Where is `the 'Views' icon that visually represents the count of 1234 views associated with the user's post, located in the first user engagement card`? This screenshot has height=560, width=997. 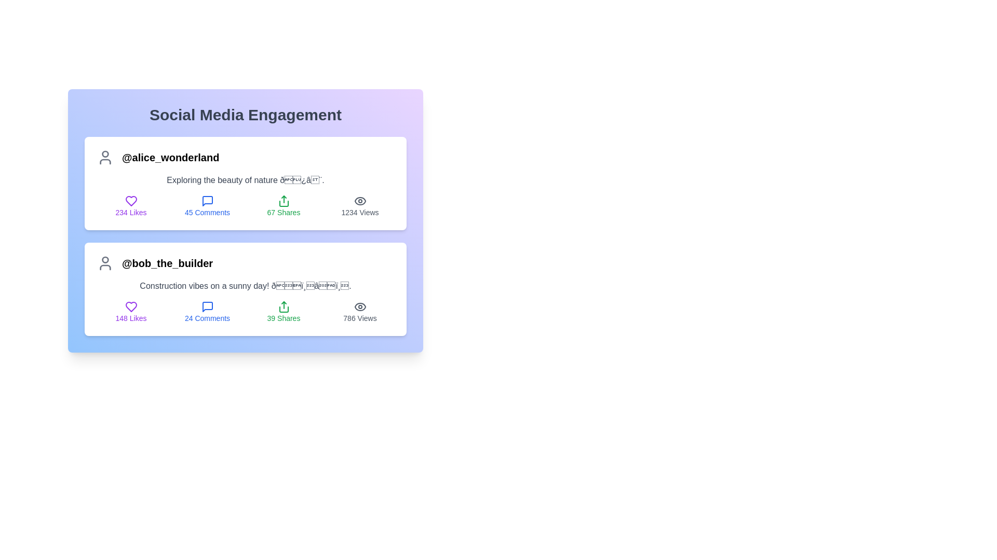 the 'Views' icon that visually represents the count of 1234 views associated with the user's post, located in the first user engagement card is located at coordinates (360, 201).